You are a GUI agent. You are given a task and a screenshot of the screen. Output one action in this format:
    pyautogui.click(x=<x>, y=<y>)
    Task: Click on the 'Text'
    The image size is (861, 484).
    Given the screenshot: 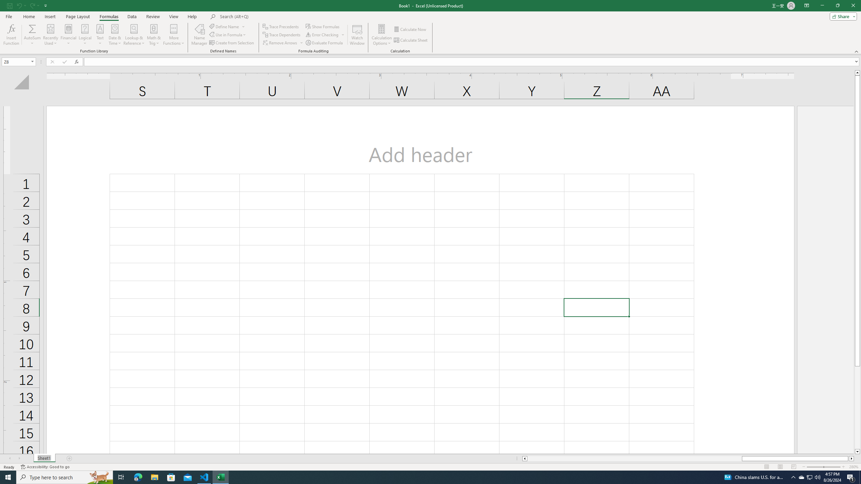 What is the action you would take?
    pyautogui.click(x=100, y=35)
    